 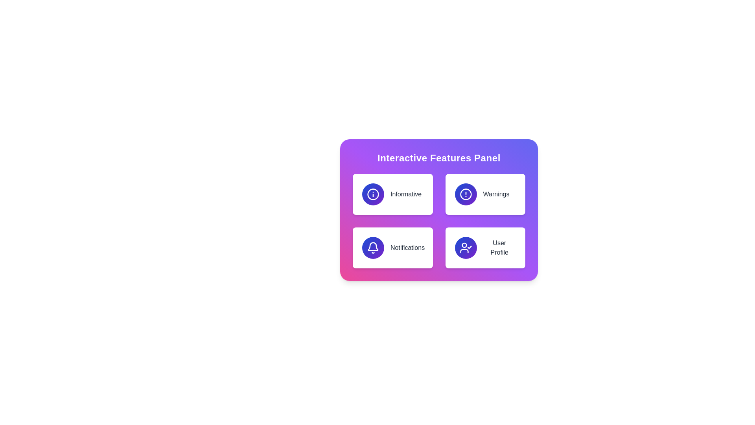 What do you see at coordinates (466, 247) in the screenshot?
I see `the circular button with a gradient from blue to indigo to purple, featuring a white user profile icon with a check mark, located at the bottom-right corner of the 'Interactive Features Panel'` at bounding box center [466, 247].